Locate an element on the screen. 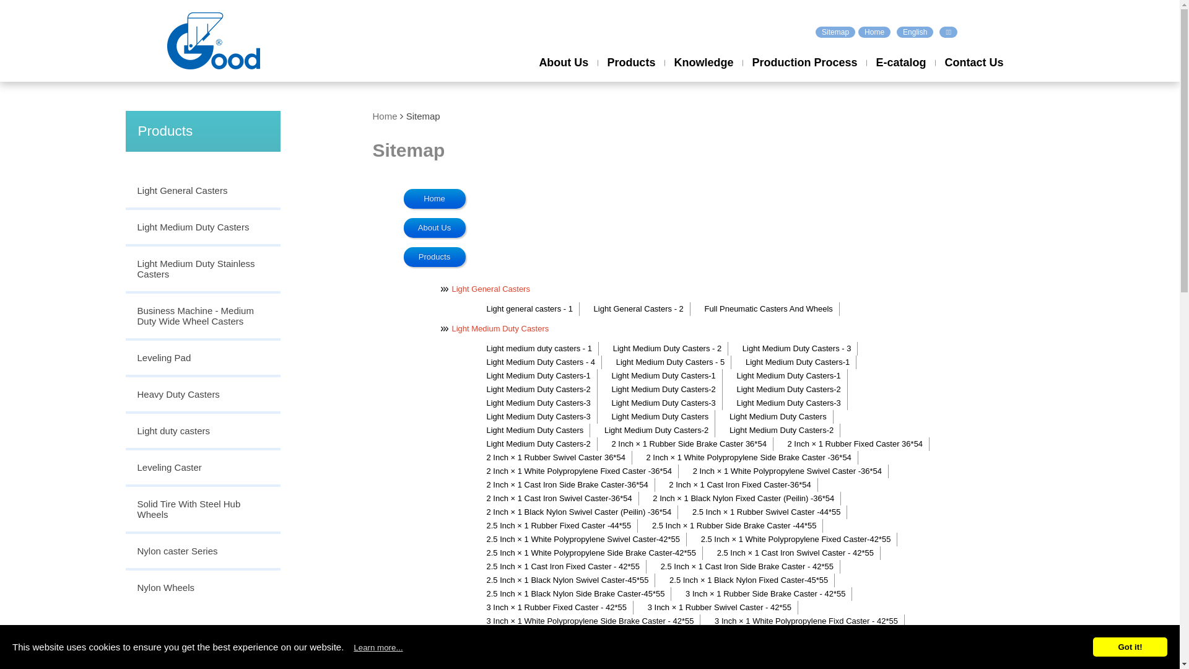 The height and width of the screenshot is (669, 1189). 'Light General Casters' is located at coordinates (202, 191).